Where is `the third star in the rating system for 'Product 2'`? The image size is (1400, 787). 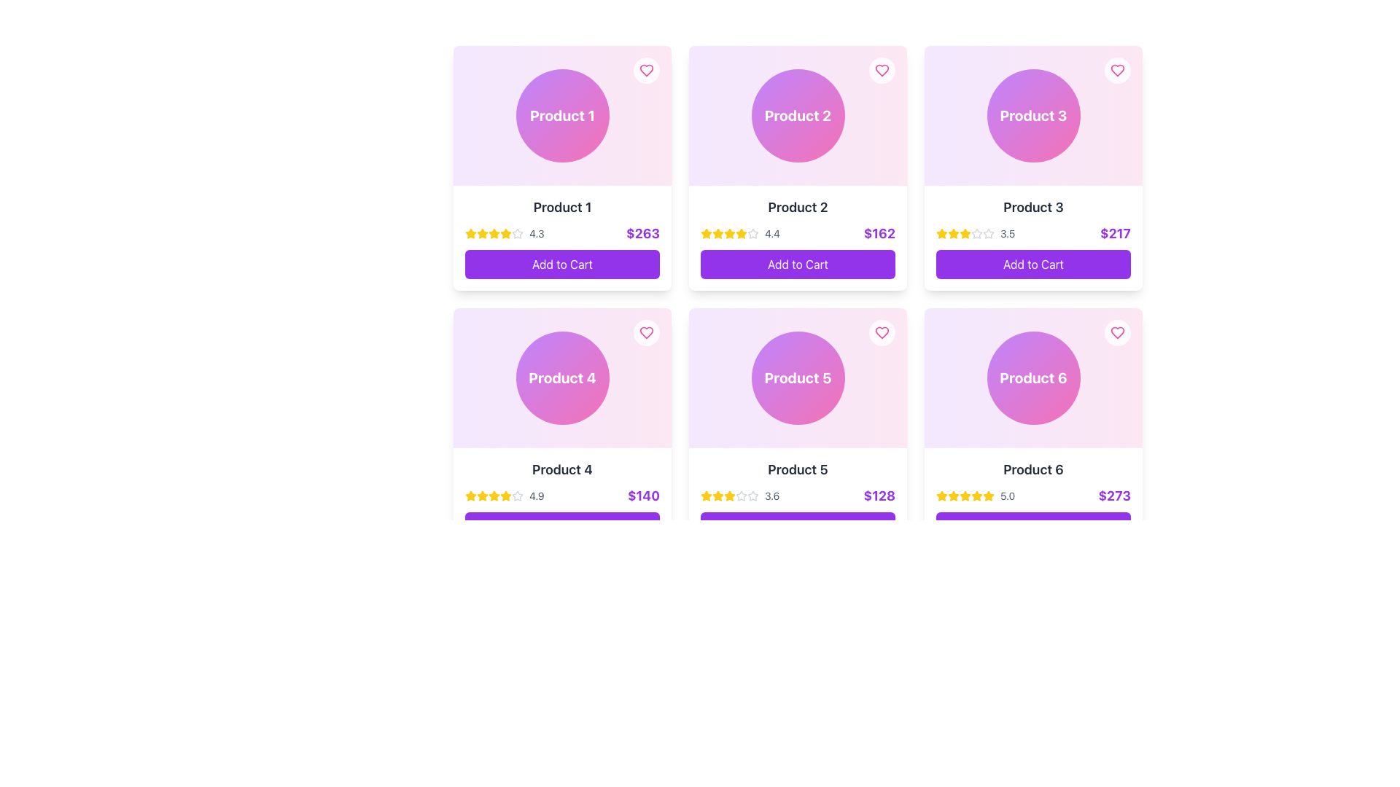 the third star in the rating system for 'Product 2' is located at coordinates (728, 232).